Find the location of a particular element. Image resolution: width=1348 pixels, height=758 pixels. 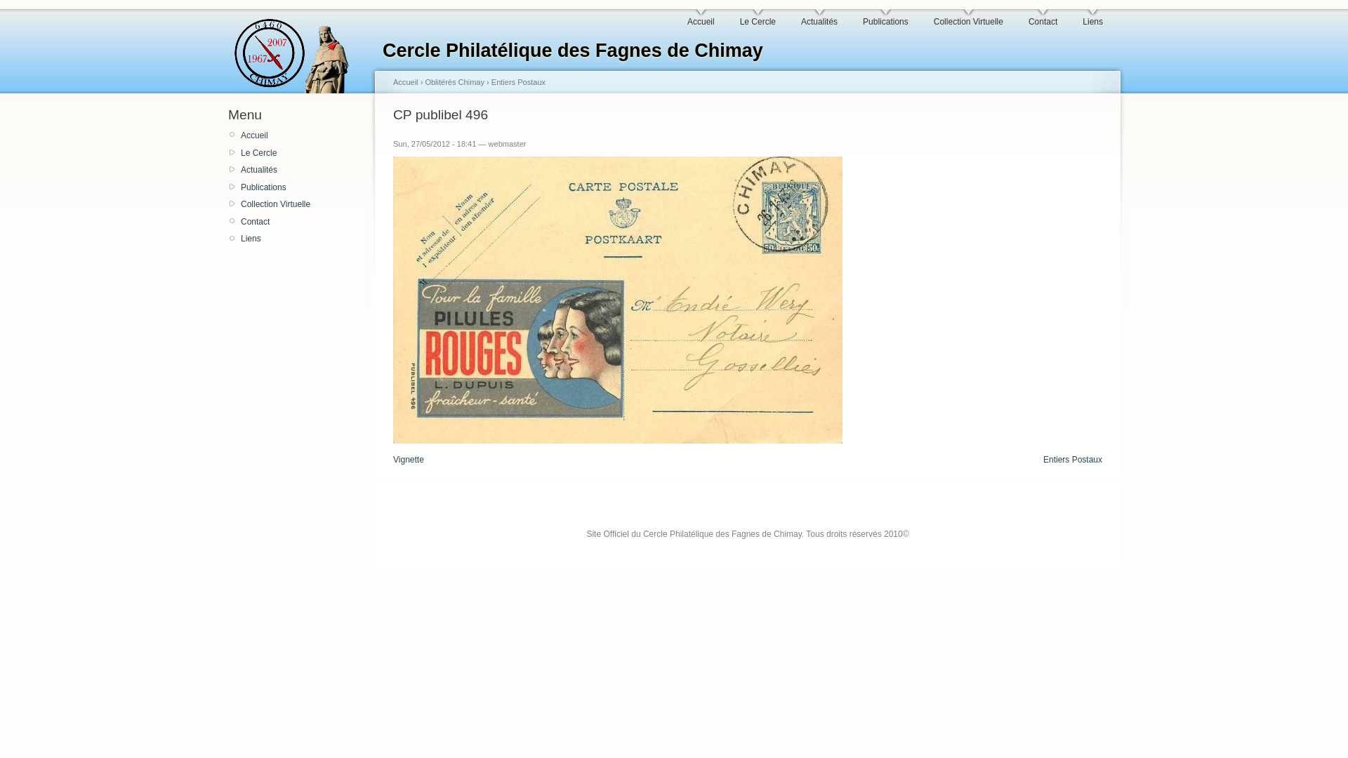

'Collection Virtuelle' is located at coordinates (967, 18).